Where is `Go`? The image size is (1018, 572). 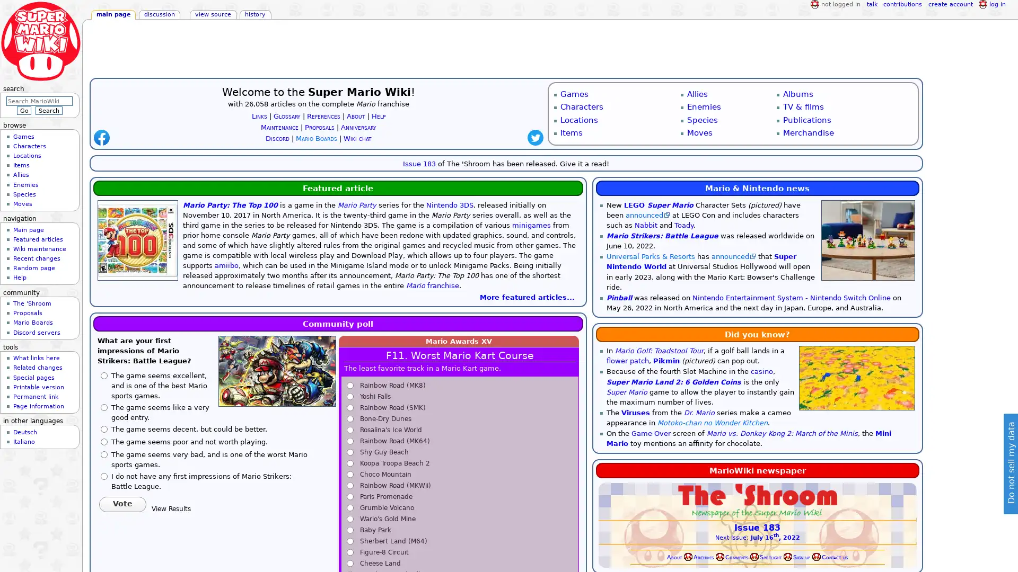
Go is located at coordinates (24, 110).